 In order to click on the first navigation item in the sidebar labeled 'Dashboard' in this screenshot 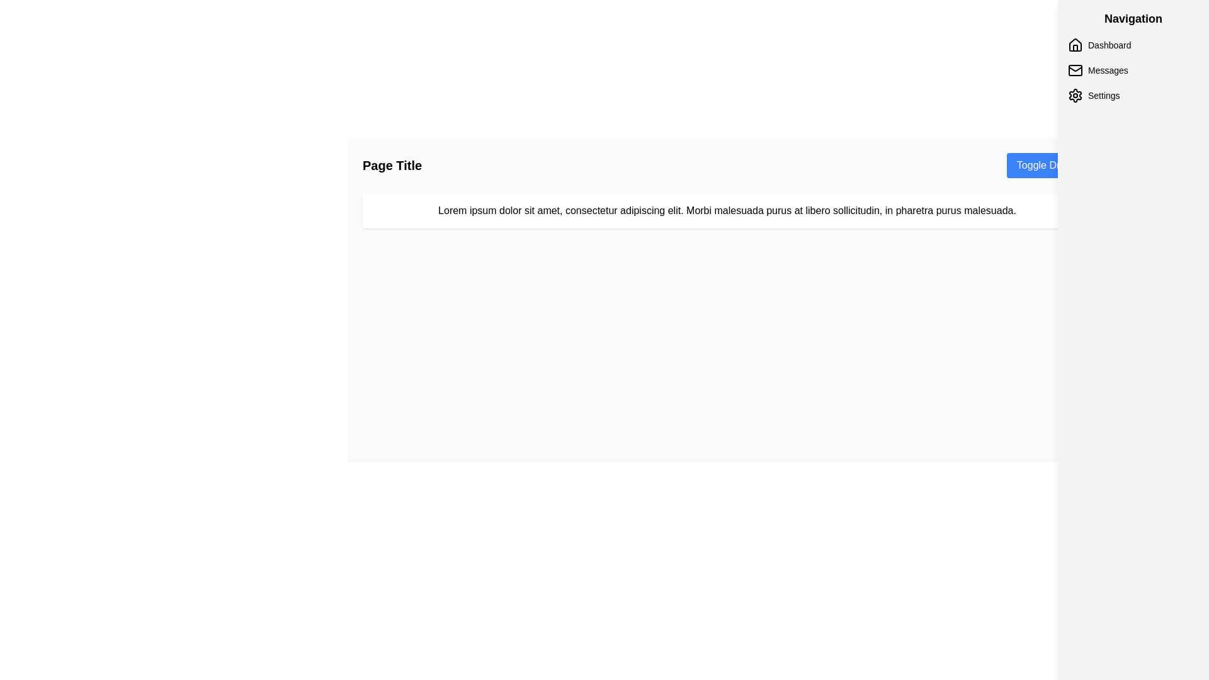, I will do `click(1133, 45)`.